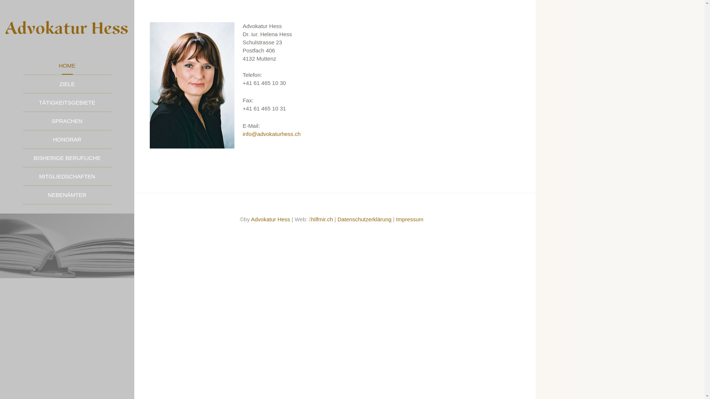 This screenshot has width=710, height=399. What do you see at coordinates (67, 177) in the screenshot?
I see `'MITGLIEDSCHAFTEN'` at bounding box center [67, 177].